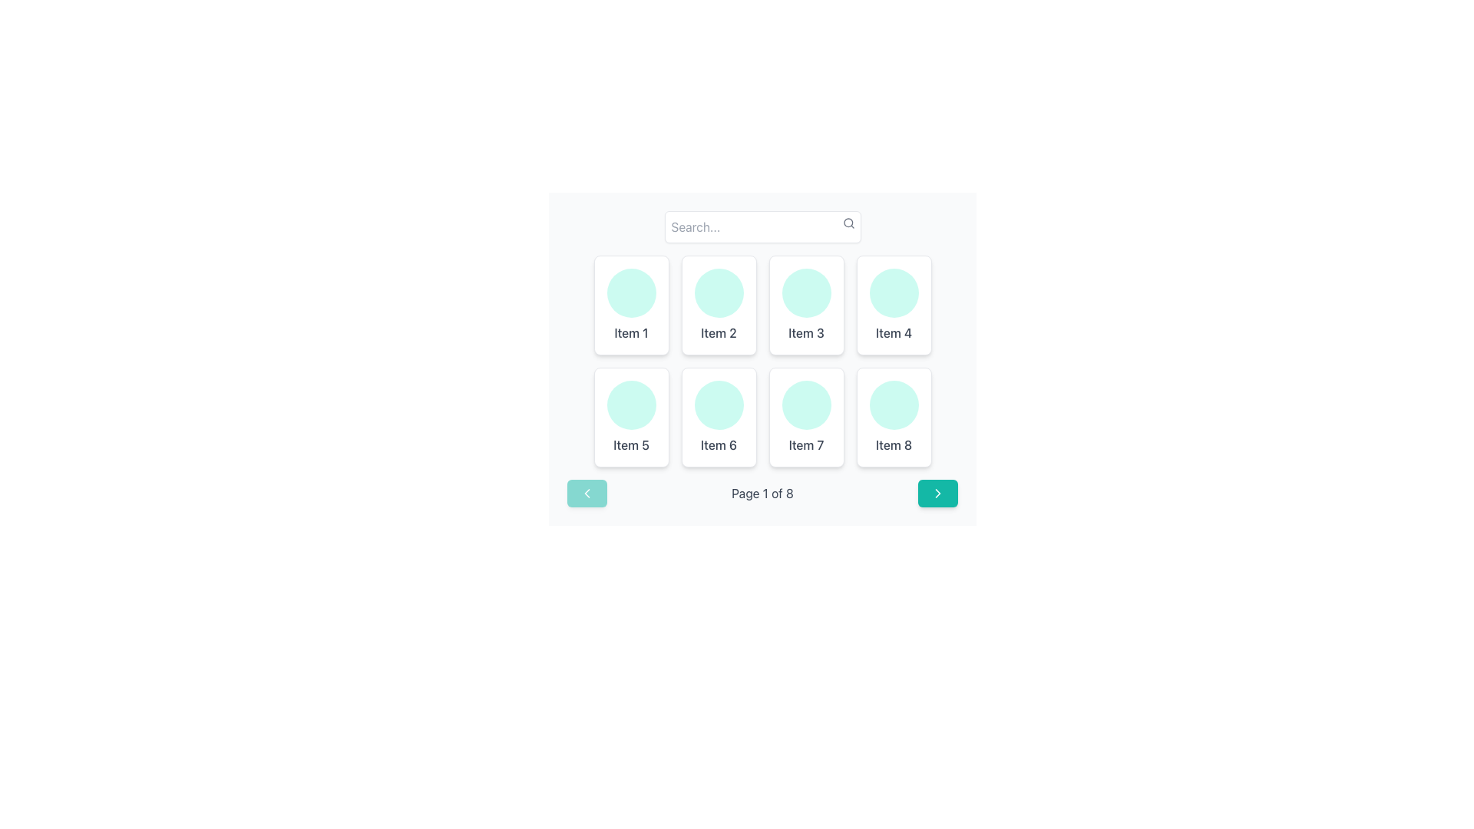  Describe the element at coordinates (762, 494) in the screenshot. I see `the text label displaying 'Page 1 of 8', which is centrally located below the item grid and between the navigation buttons, indicating its informational purpose` at that location.